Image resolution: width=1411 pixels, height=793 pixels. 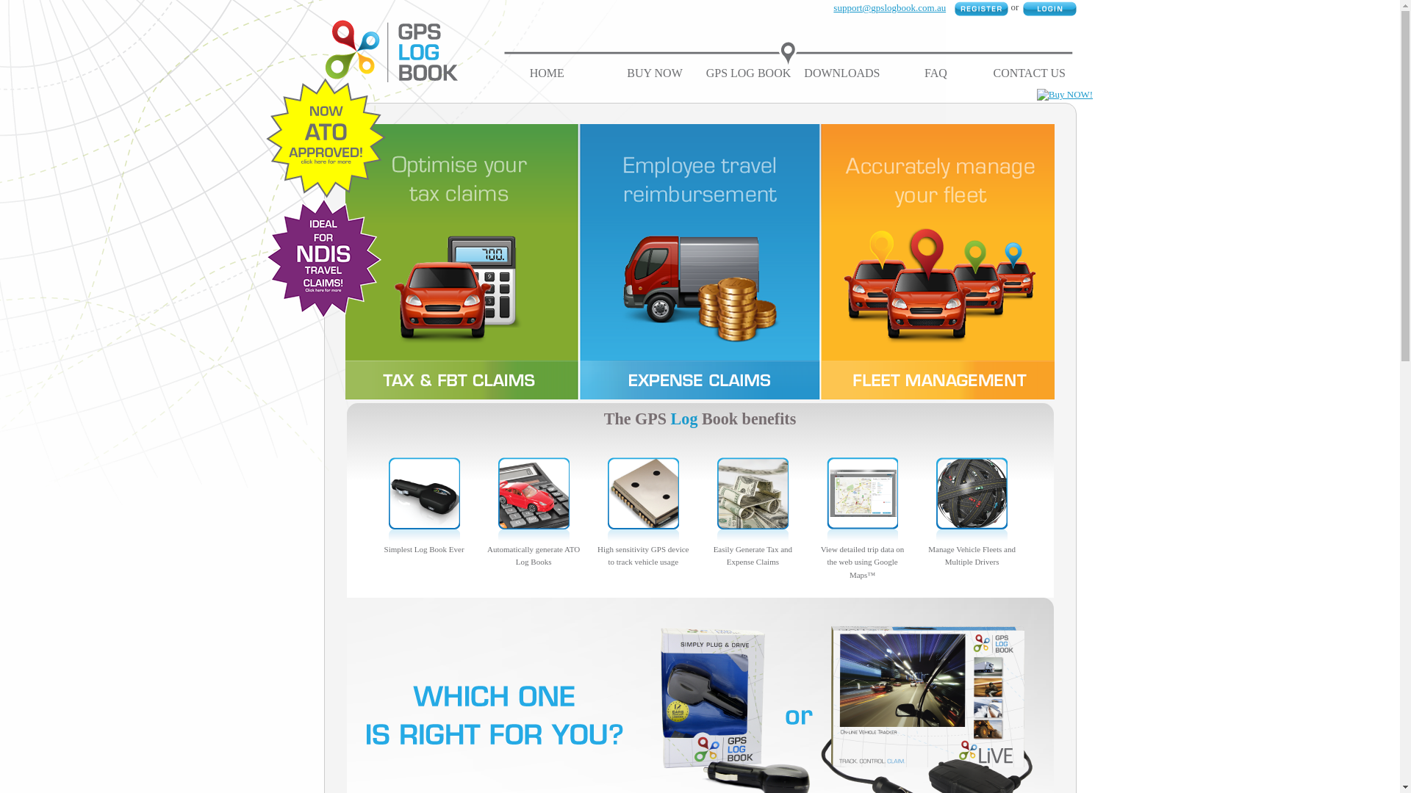 What do you see at coordinates (546, 73) in the screenshot?
I see `'HOME'` at bounding box center [546, 73].